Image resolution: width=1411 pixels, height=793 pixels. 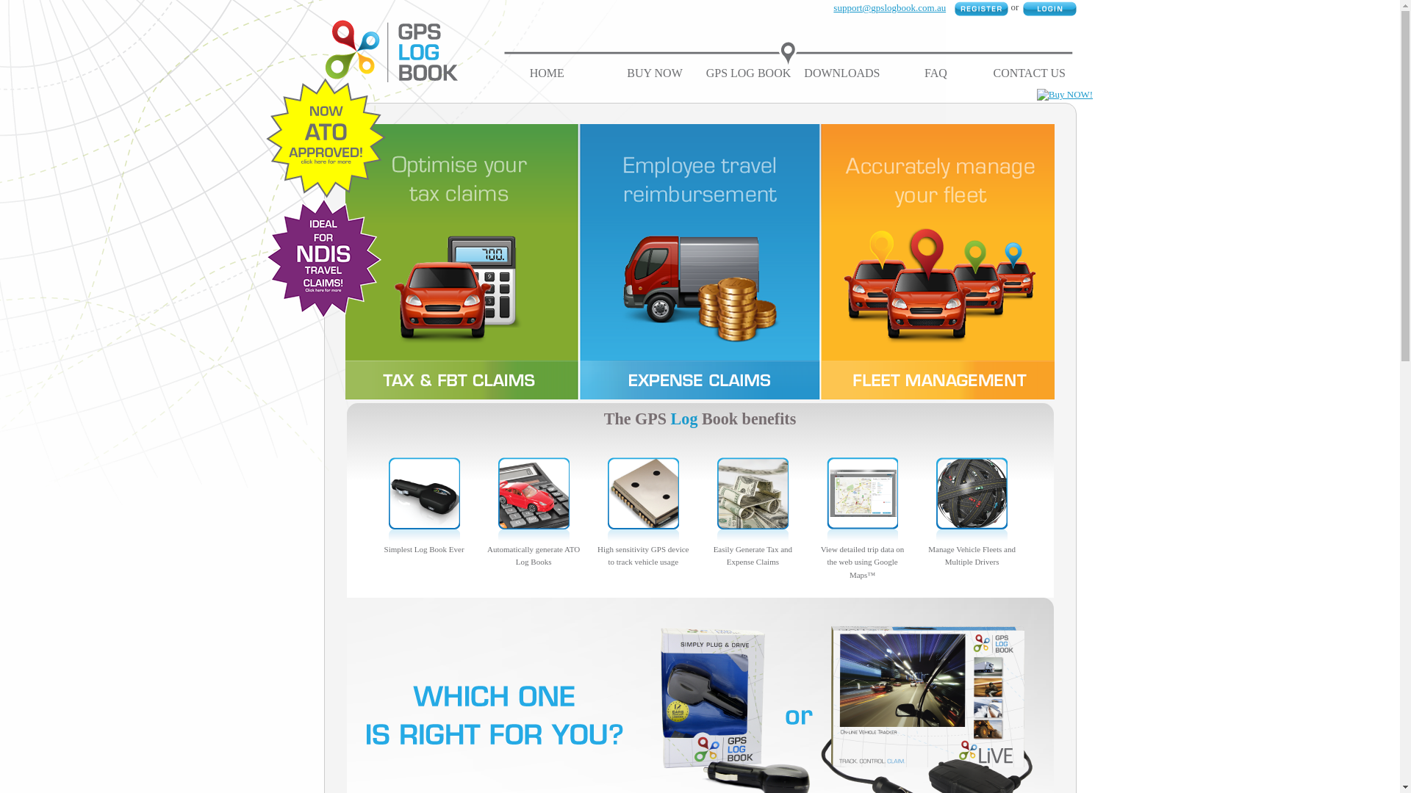 What do you see at coordinates (546, 73) in the screenshot?
I see `'HOME'` at bounding box center [546, 73].